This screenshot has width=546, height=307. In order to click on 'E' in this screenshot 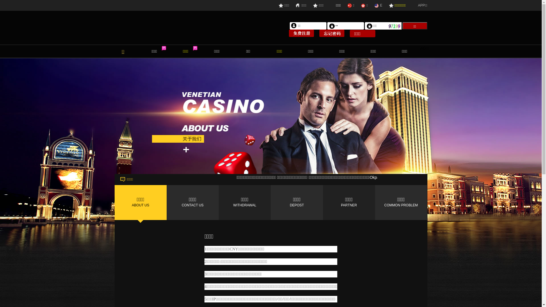, I will do `click(378, 5)`.